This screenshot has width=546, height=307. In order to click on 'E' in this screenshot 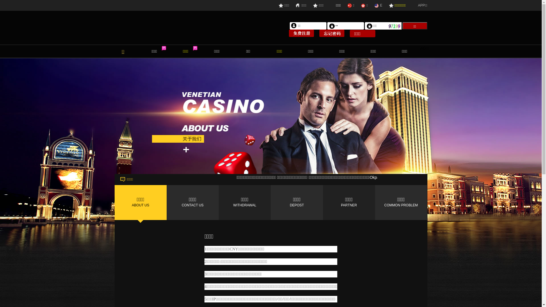, I will do `click(378, 5)`.